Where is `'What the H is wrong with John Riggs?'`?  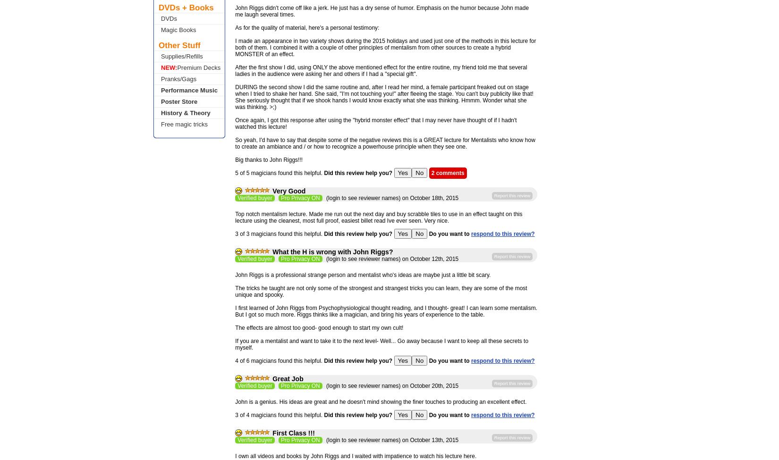 'What the H is wrong with John Riggs?' is located at coordinates (272, 251).